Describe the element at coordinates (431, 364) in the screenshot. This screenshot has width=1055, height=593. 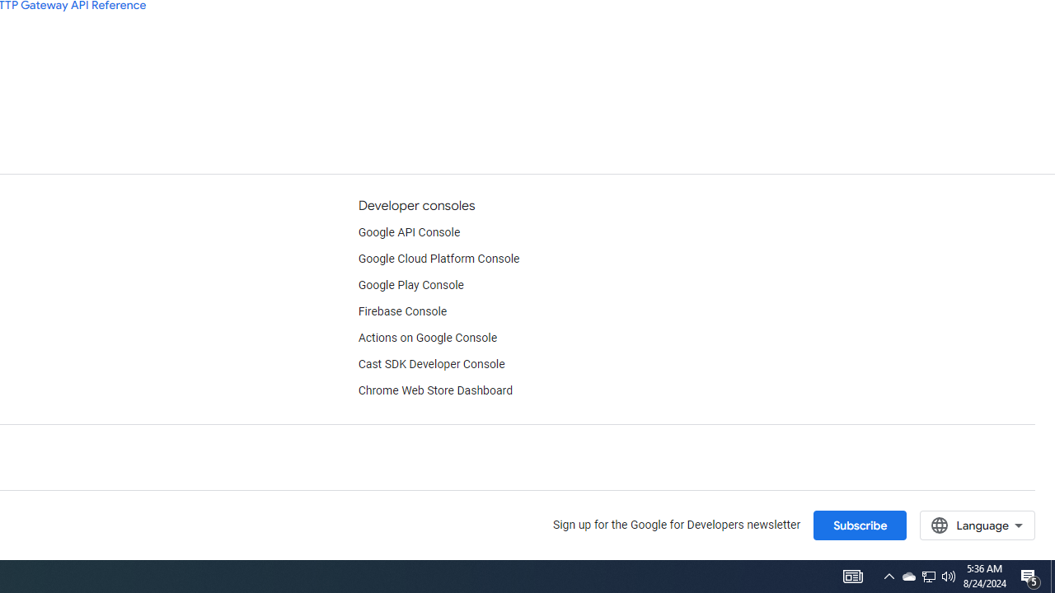
I see `'Cast SDK Developer Console'` at that location.